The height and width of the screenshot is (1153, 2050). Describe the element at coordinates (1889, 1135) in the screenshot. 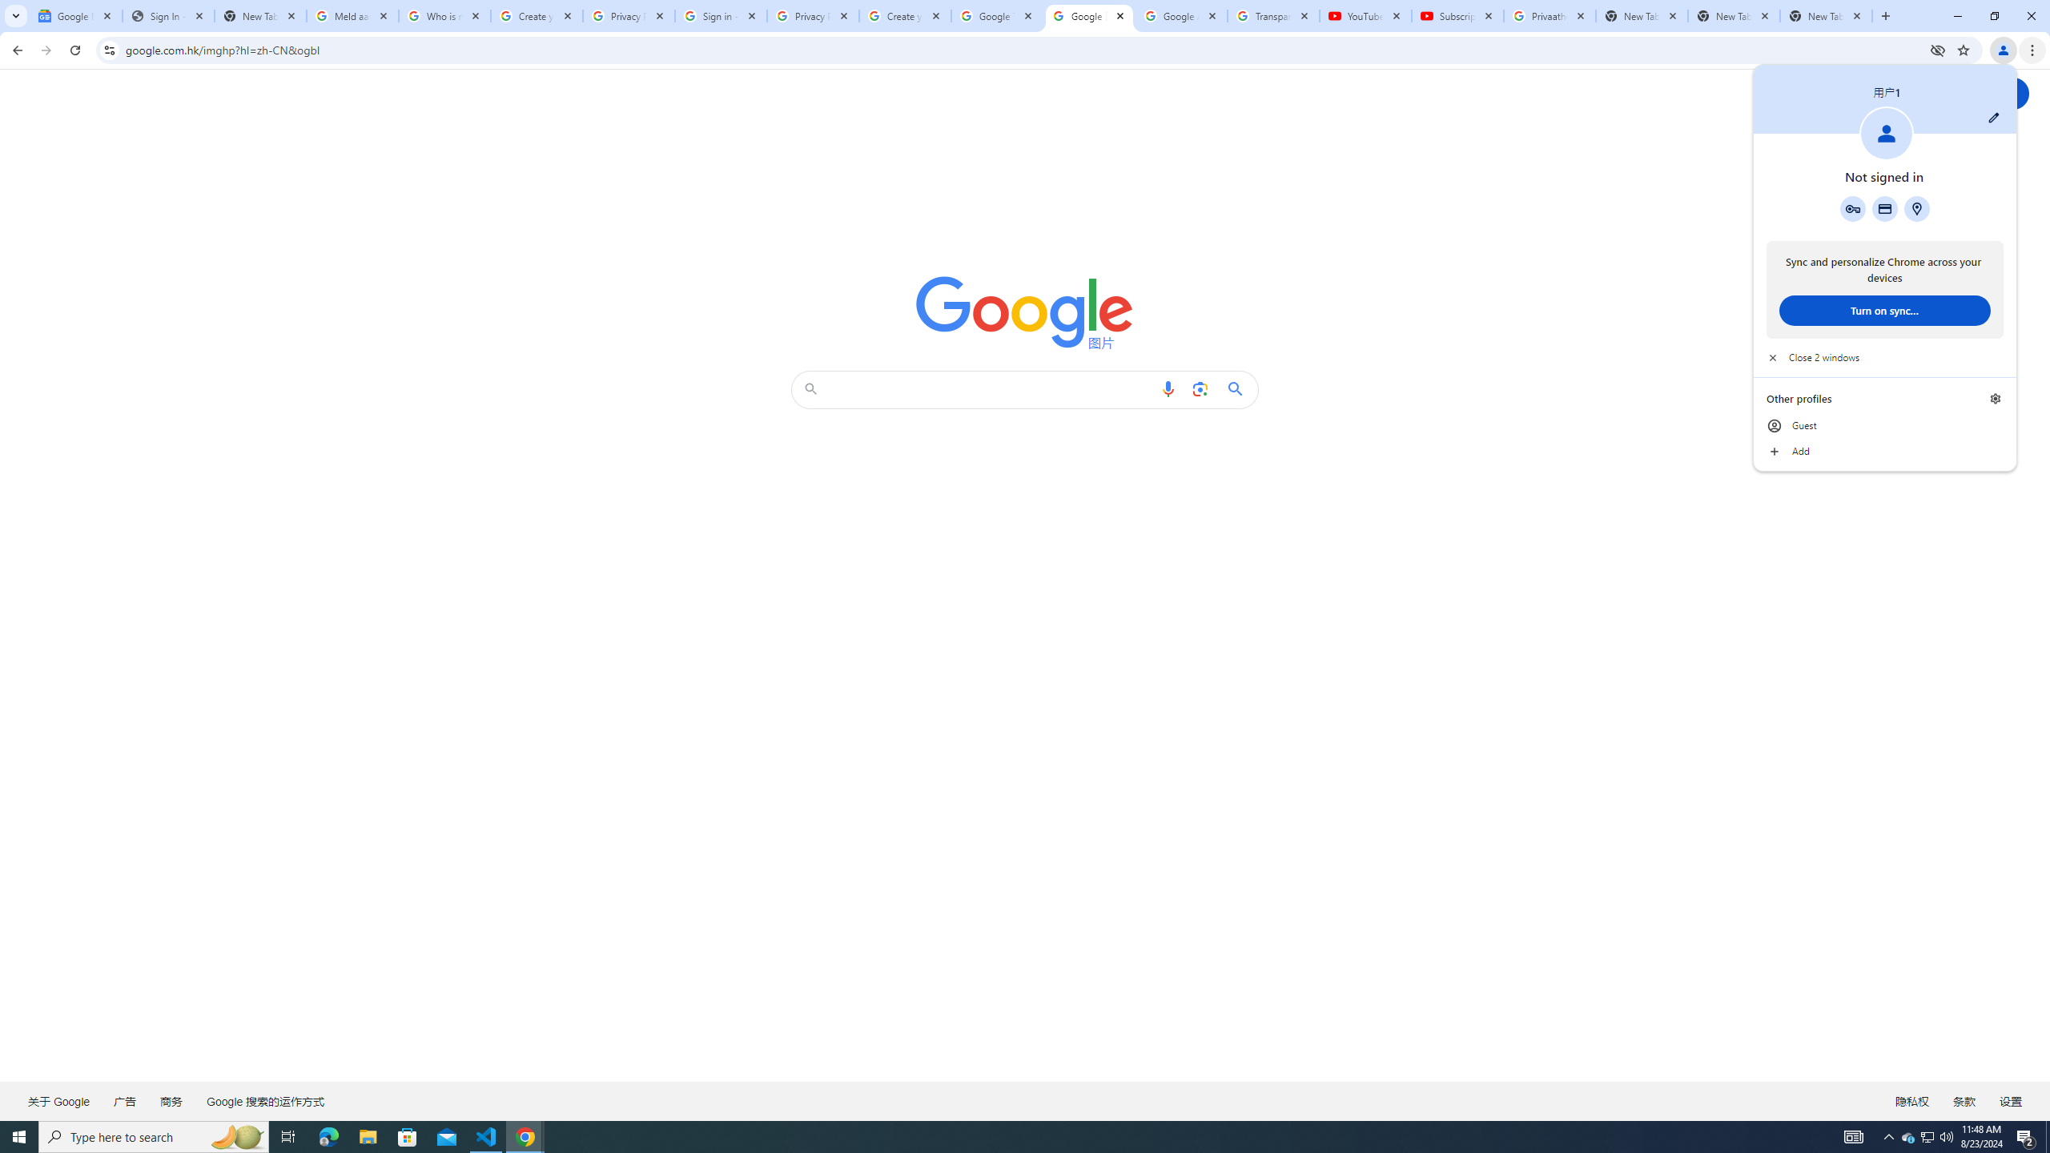

I see `'Notification Chevron'` at that location.